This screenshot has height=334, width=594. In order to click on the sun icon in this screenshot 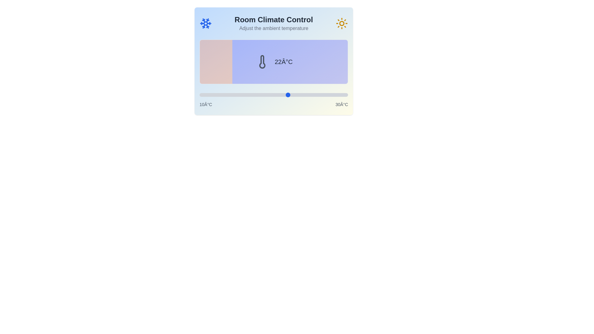, I will do `click(341, 23)`.